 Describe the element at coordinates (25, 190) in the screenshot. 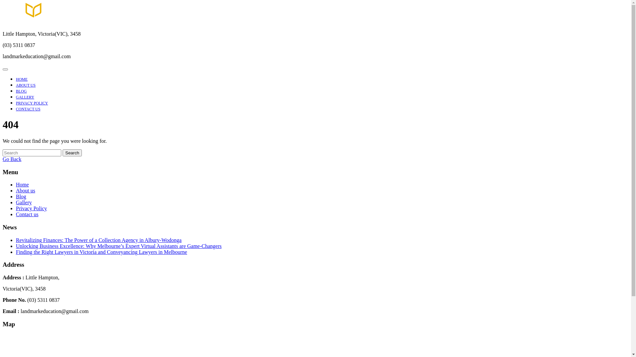

I see `'About us'` at that location.